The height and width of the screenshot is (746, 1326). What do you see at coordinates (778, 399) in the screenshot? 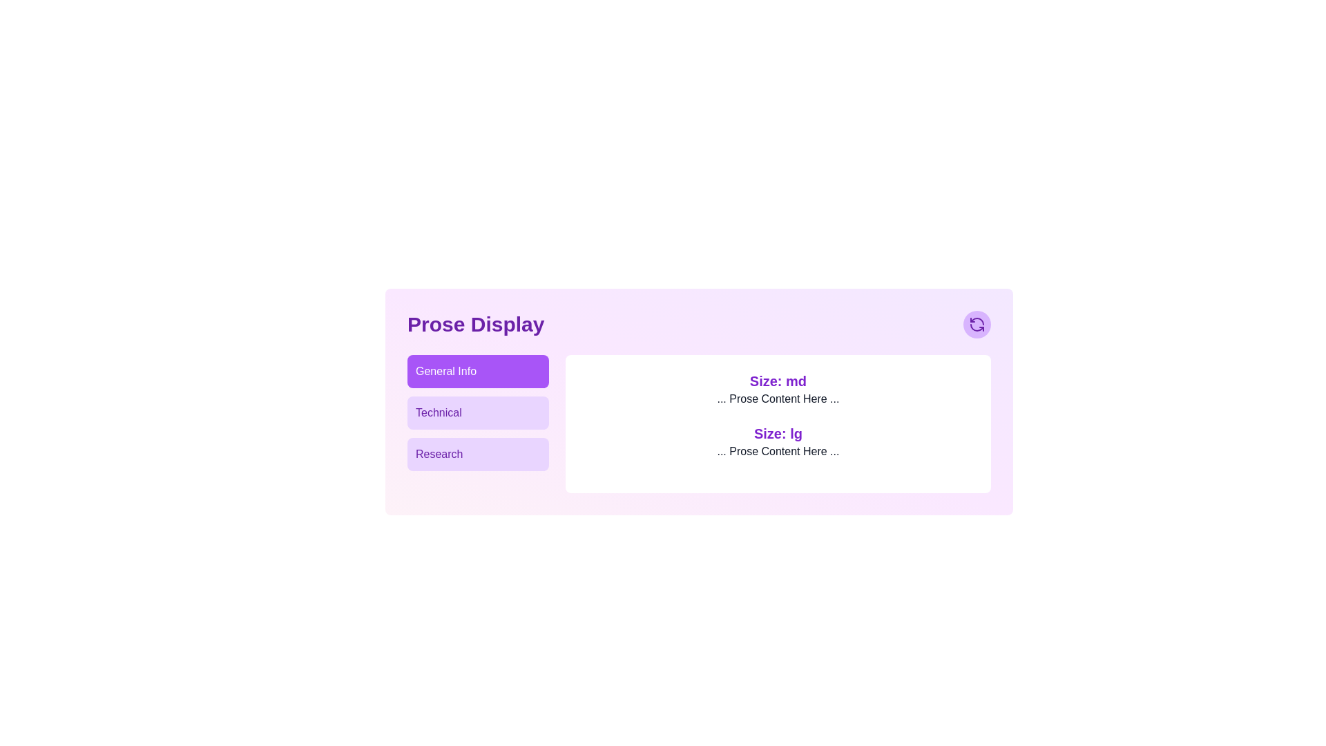
I see `the Text Block located below the bolded header 'Size: md' in the white box on the right side of the interface` at bounding box center [778, 399].